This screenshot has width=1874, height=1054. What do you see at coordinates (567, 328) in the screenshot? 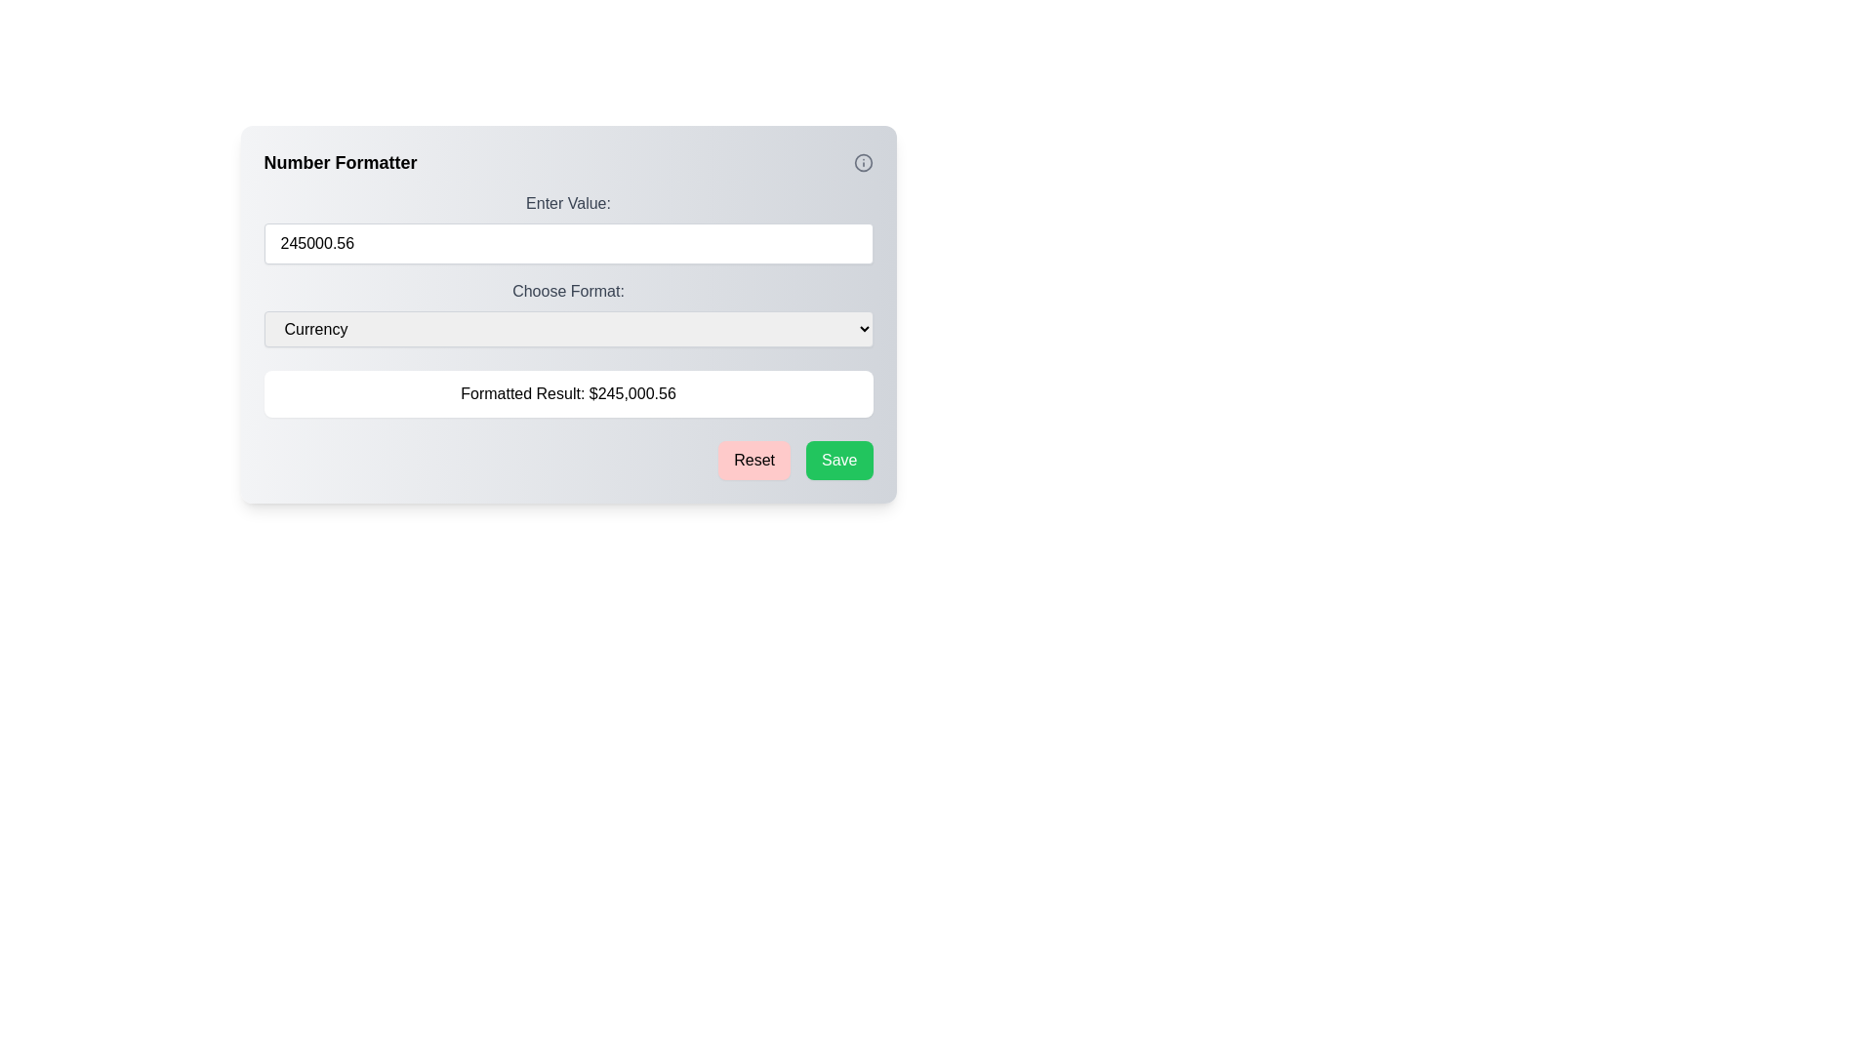
I see `the Dropdown menu located in the 'Choose Format:' section` at bounding box center [567, 328].